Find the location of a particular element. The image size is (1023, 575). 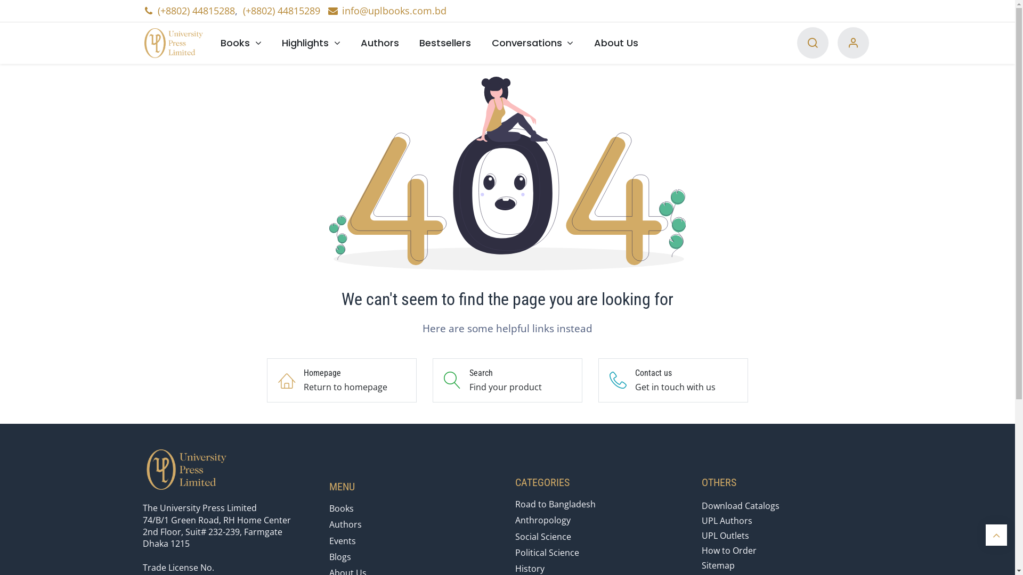

'(+8802) 44815288' is located at coordinates (196, 10).